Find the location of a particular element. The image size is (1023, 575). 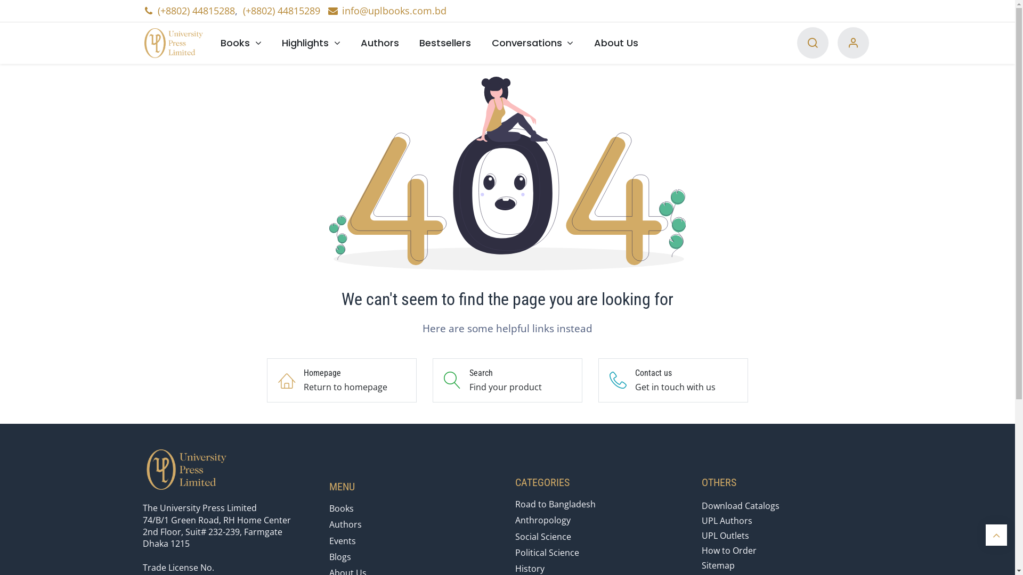

'(+8802) 44815288' is located at coordinates (196, 10).